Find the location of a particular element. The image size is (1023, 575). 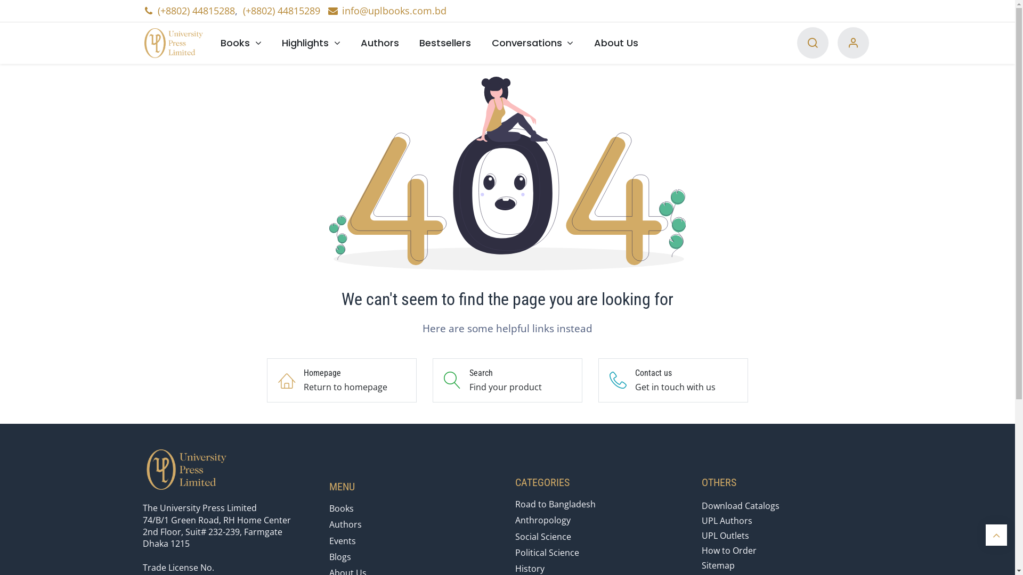

'(+8802) 44815288' is located at coordinates (196, 10).